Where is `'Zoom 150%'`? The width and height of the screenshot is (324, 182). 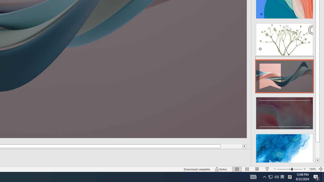
'Zoom 150%' is located at coordinates (312, 169).